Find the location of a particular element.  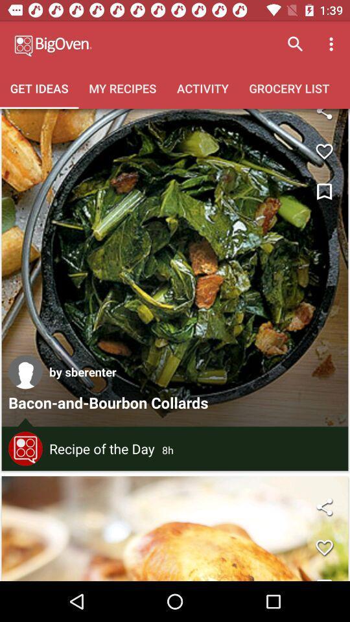

make favorite is located at coordinates (323, 547).